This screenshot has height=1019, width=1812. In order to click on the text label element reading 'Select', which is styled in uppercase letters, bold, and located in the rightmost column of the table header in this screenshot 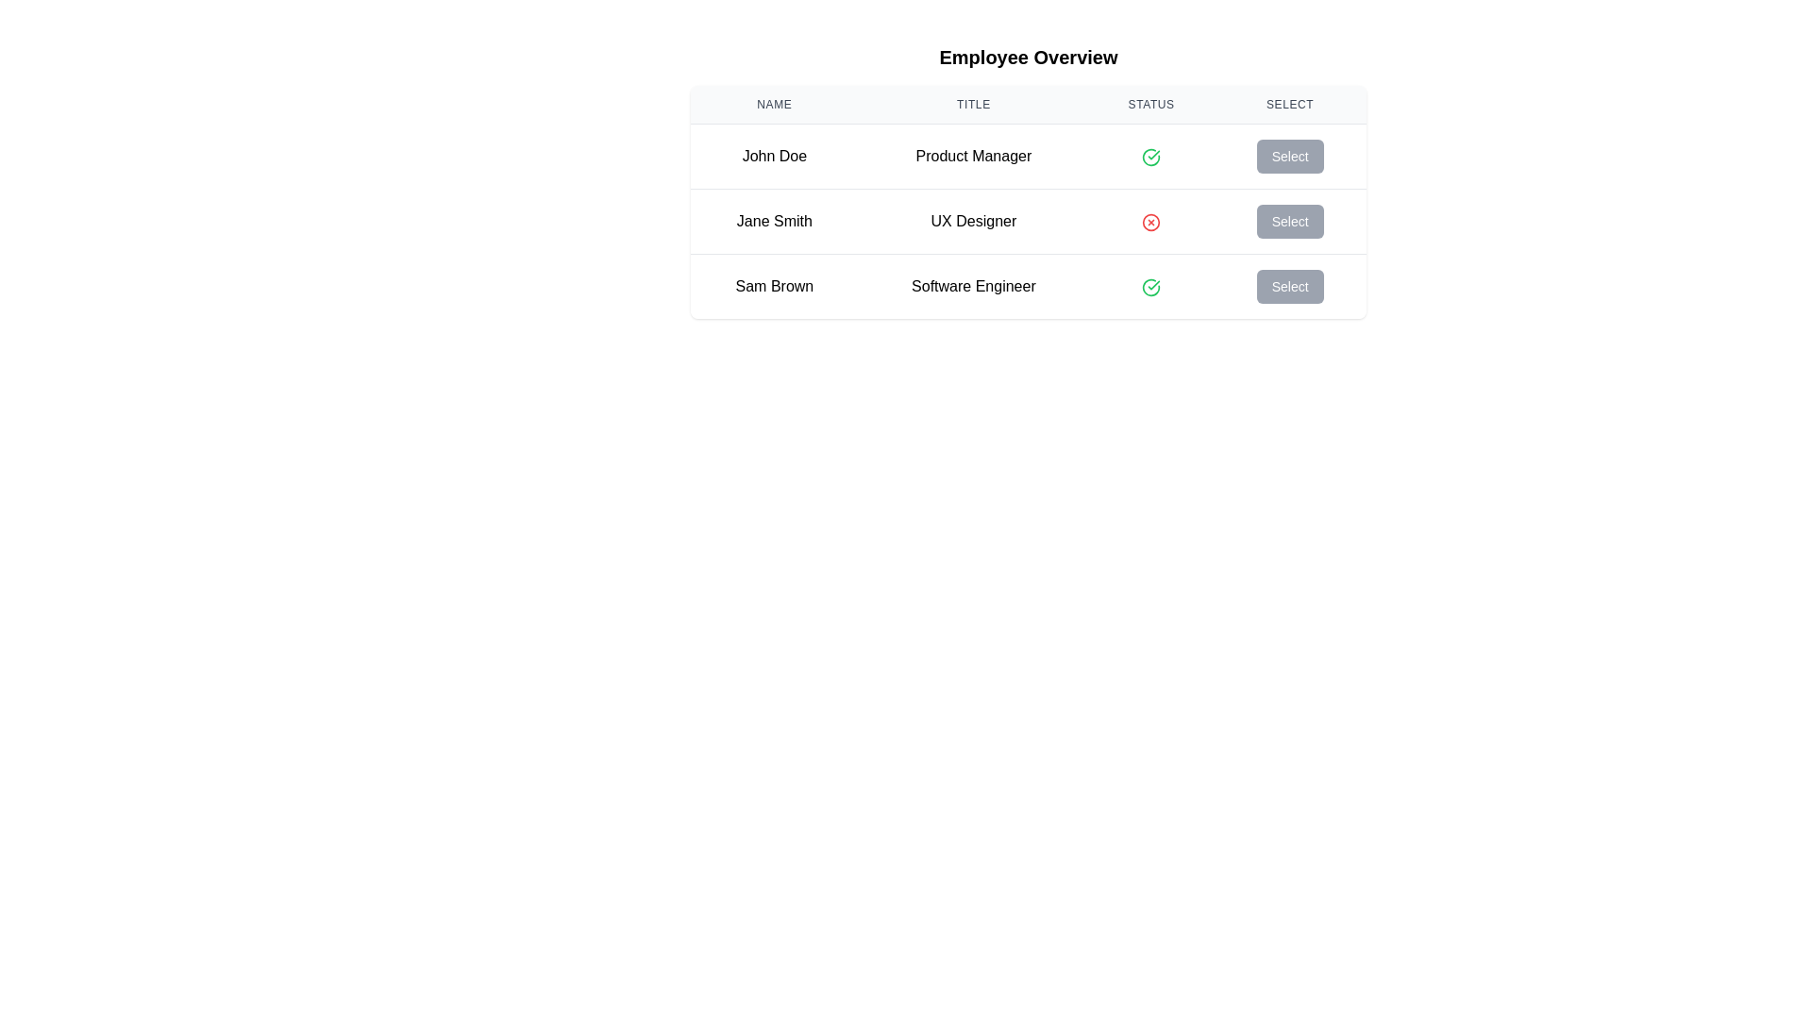, I will do `click(1289, 105)`.